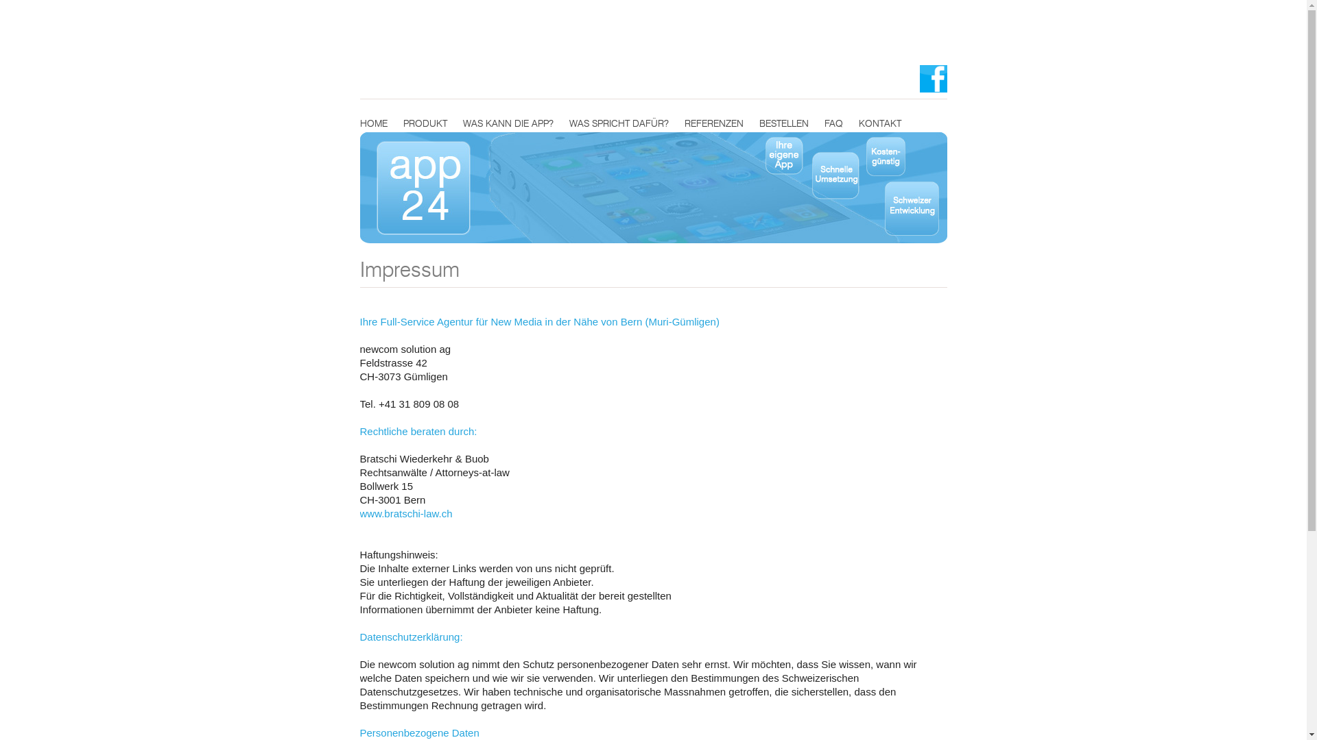  Describe the element at coordinates (833, 124) in the screenshot. I see `'FAQ'` at that location.